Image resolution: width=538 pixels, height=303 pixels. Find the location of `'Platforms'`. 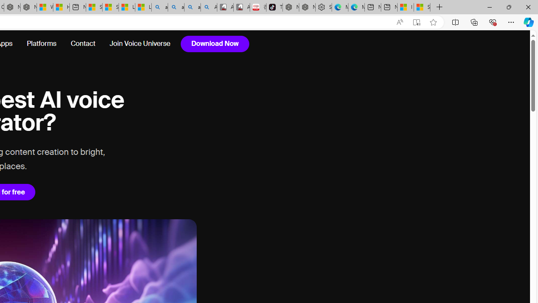

'Platforms' is located at coordinates (41, 44).